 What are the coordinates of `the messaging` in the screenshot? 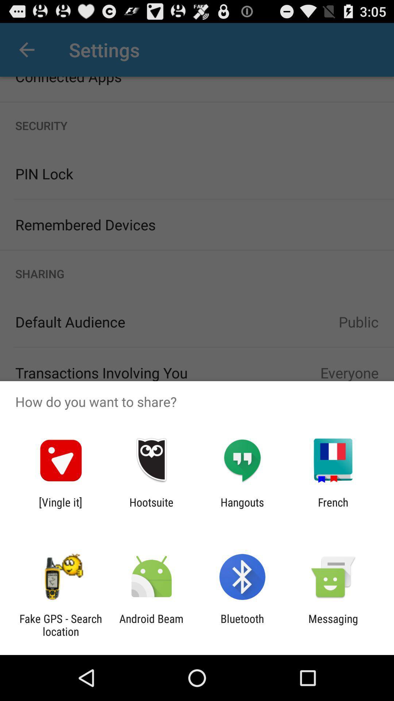 It's located at (333, 625).